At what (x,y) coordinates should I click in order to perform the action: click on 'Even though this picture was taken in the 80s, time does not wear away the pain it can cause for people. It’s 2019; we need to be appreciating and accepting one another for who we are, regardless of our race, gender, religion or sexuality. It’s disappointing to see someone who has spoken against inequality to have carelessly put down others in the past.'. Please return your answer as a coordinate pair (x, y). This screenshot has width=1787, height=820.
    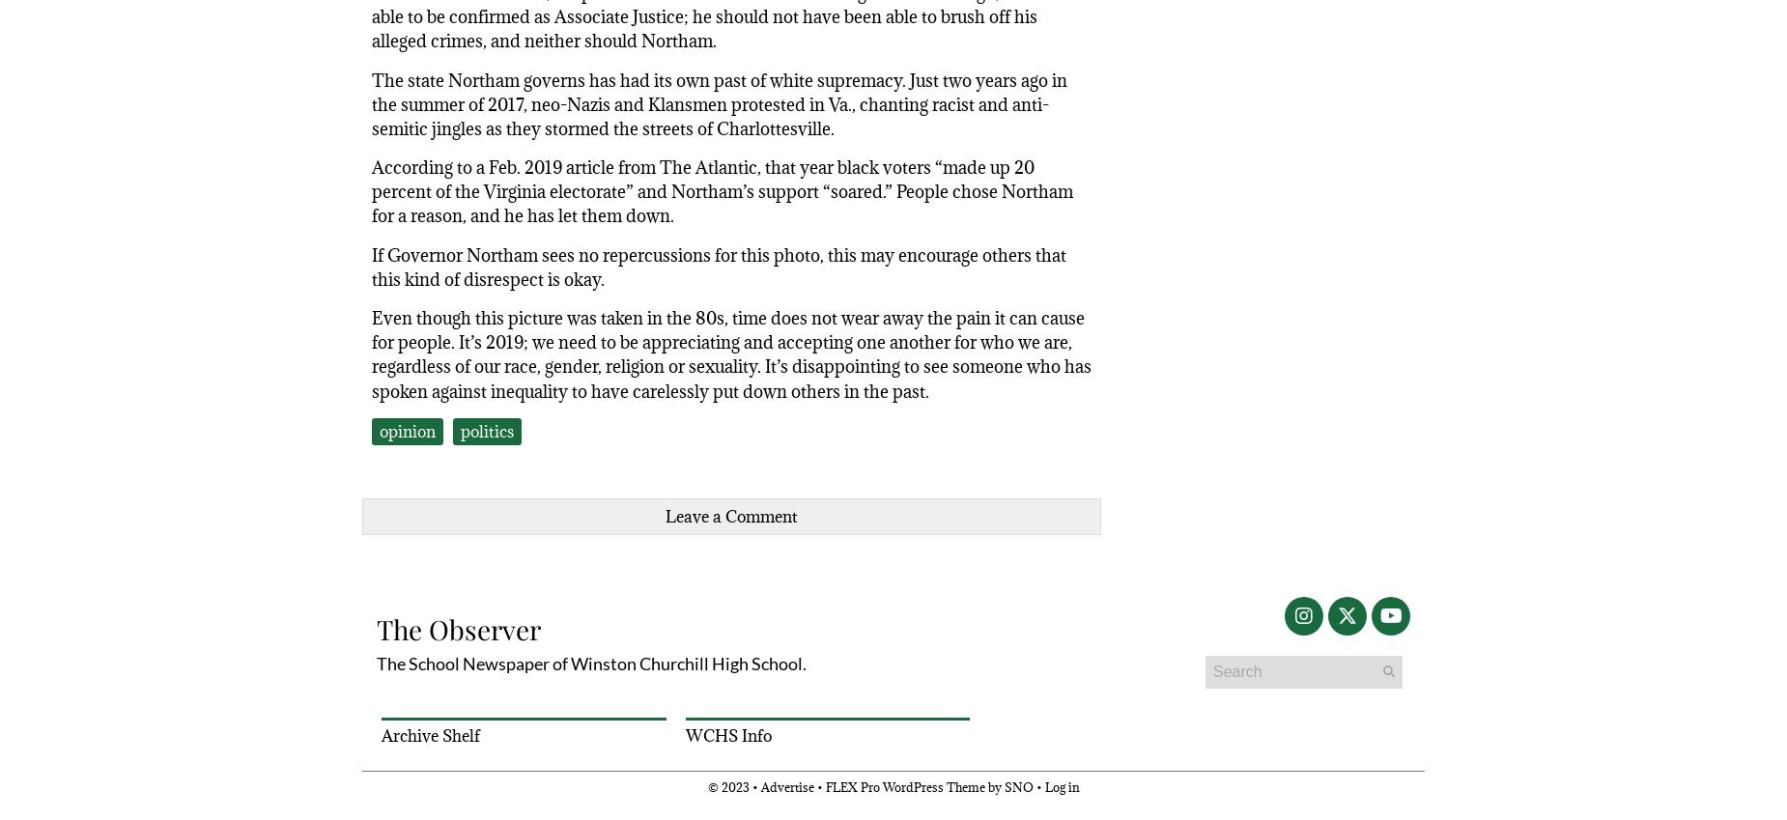
    Looking at the image, I should click on (731, 354).